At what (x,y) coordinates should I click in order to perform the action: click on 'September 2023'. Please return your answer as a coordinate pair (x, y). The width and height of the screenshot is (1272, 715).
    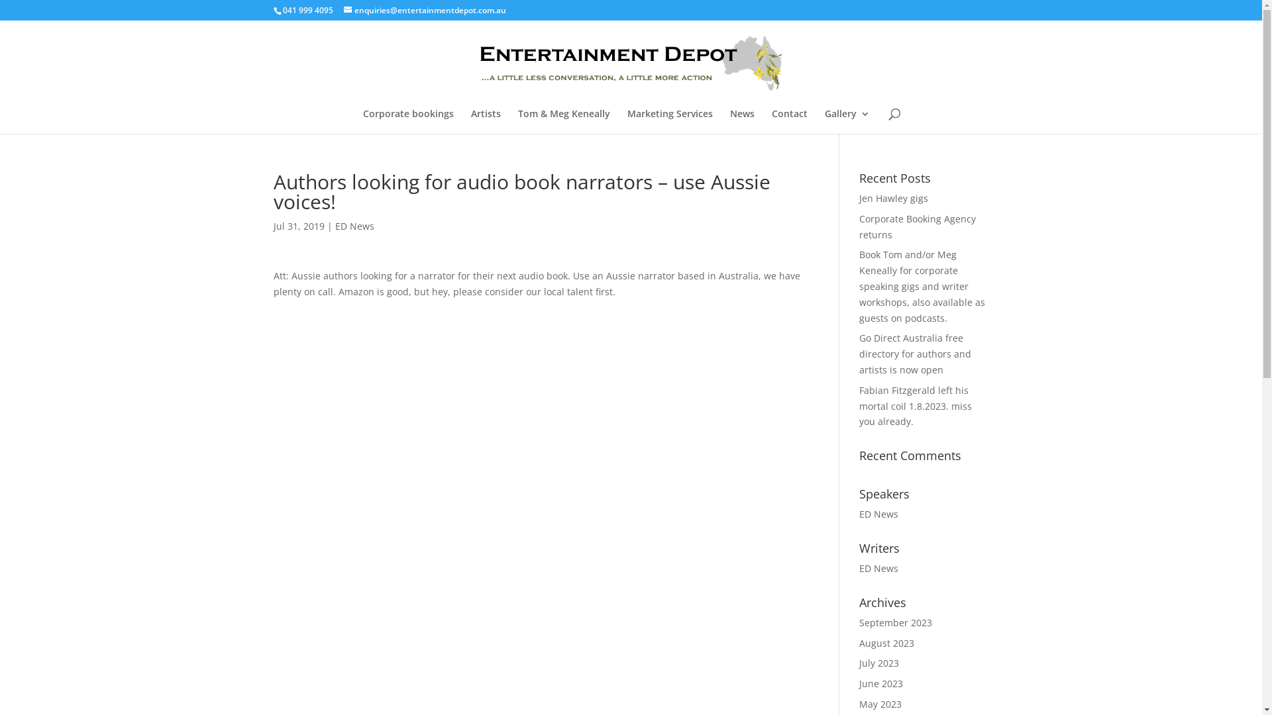
    Looking at the image, I should click on (896, 622).